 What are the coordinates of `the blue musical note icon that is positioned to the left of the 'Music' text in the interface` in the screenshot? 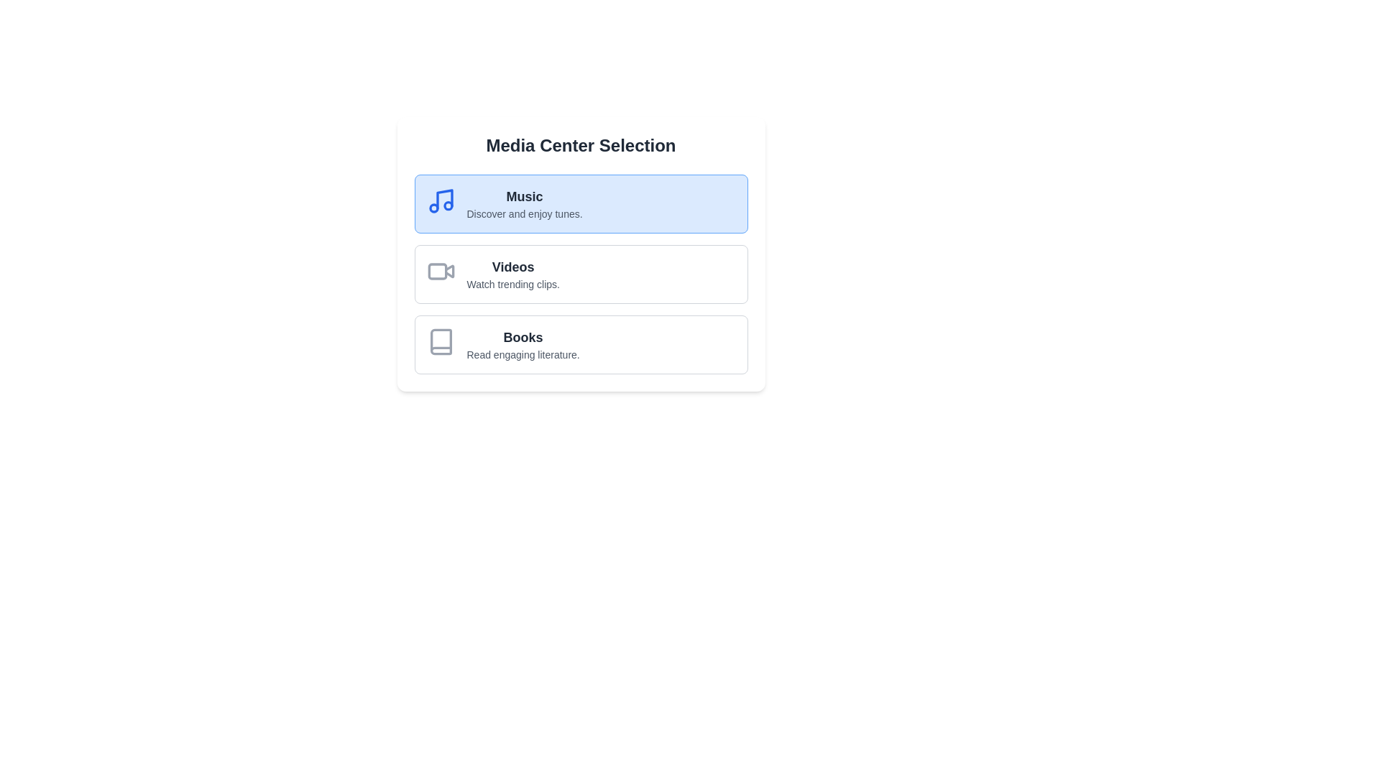 It's located at (440, 201).